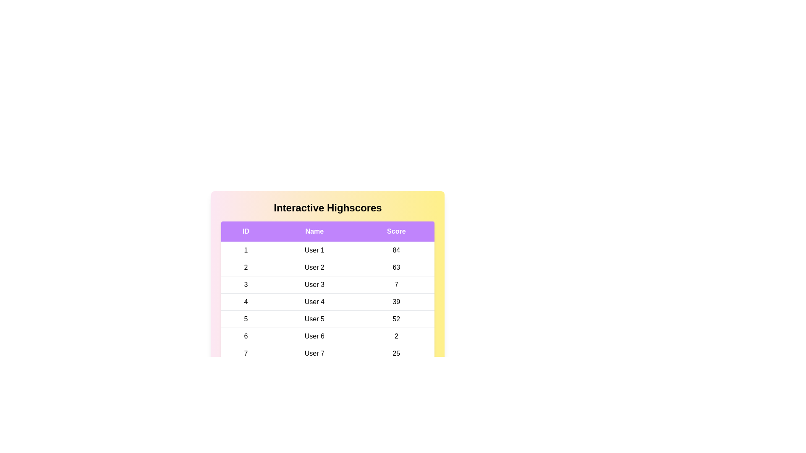 The image size is (806, 453). Describe the element at coordinates (327, 250) in the screenshot. I see `the row corresponding to 1` at that location.